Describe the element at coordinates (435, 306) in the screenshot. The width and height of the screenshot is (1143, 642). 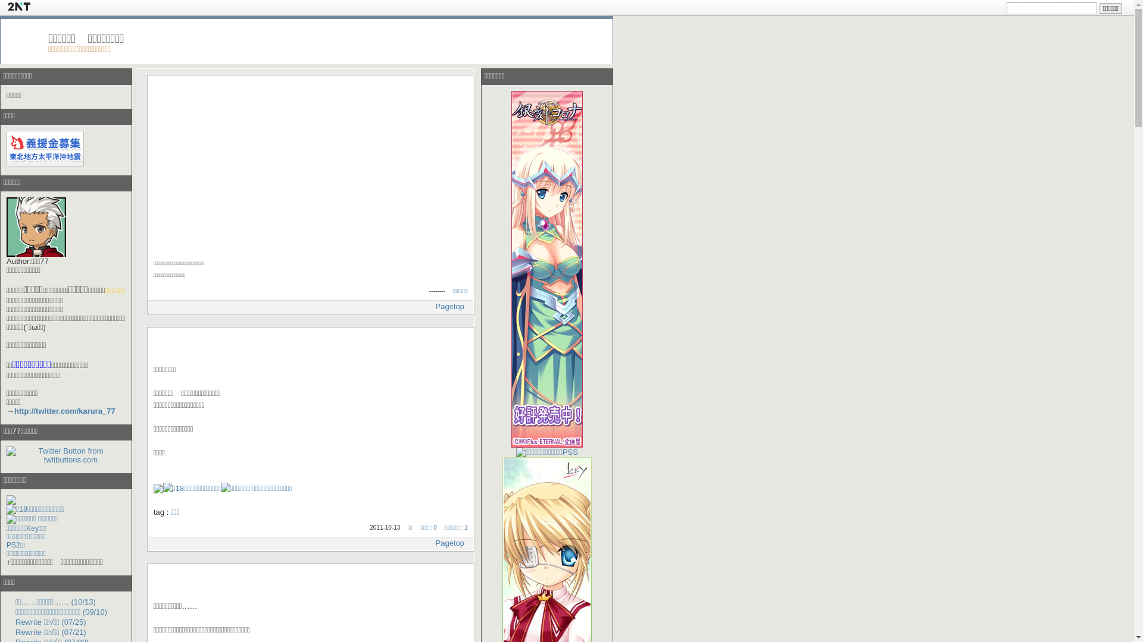
I see `'Pagetop'` at that location.